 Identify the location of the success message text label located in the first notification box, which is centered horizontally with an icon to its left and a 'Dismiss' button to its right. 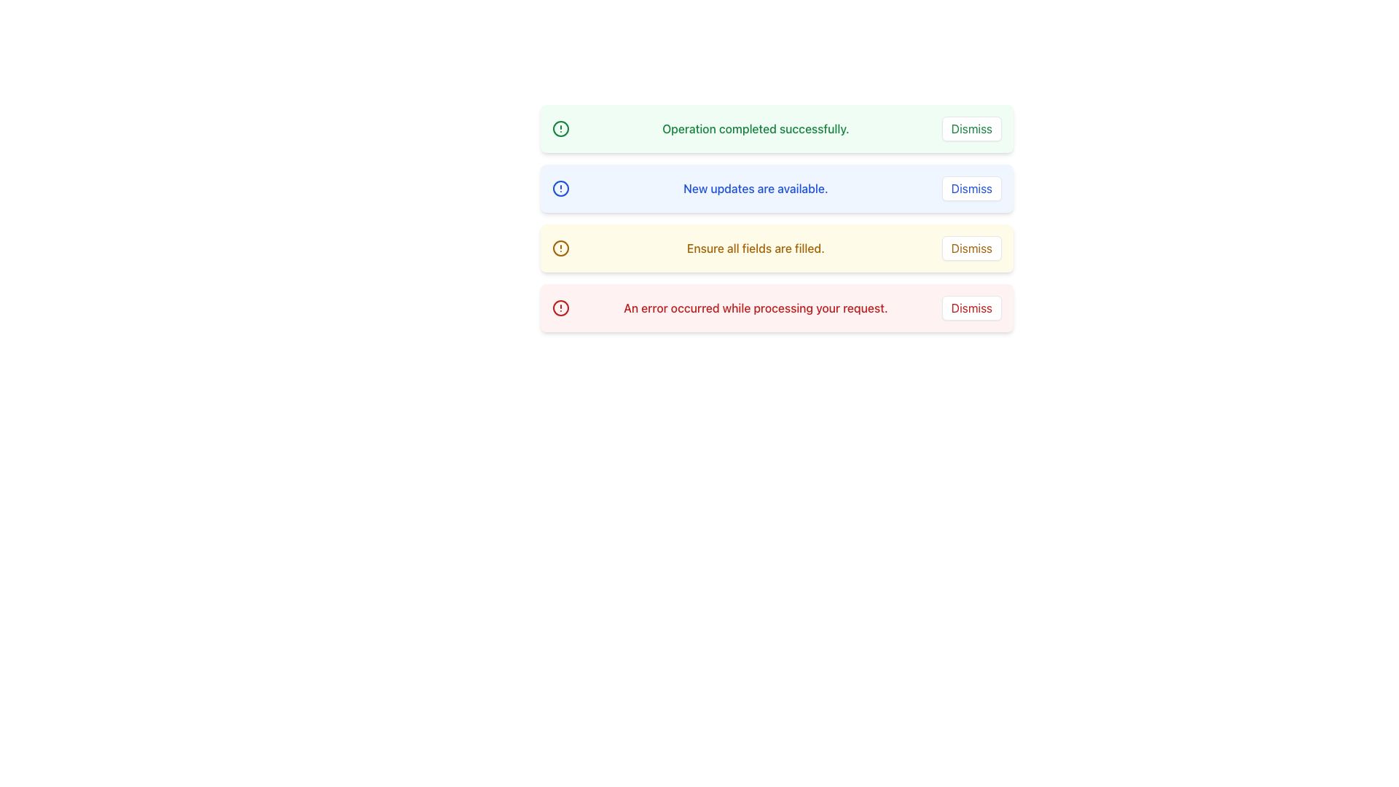
(756, 128).